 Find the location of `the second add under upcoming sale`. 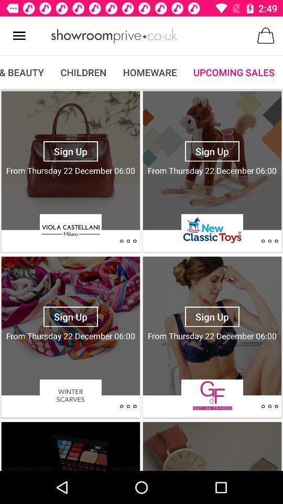

the second add under upcoming sale is located at coordinates (212, 172).